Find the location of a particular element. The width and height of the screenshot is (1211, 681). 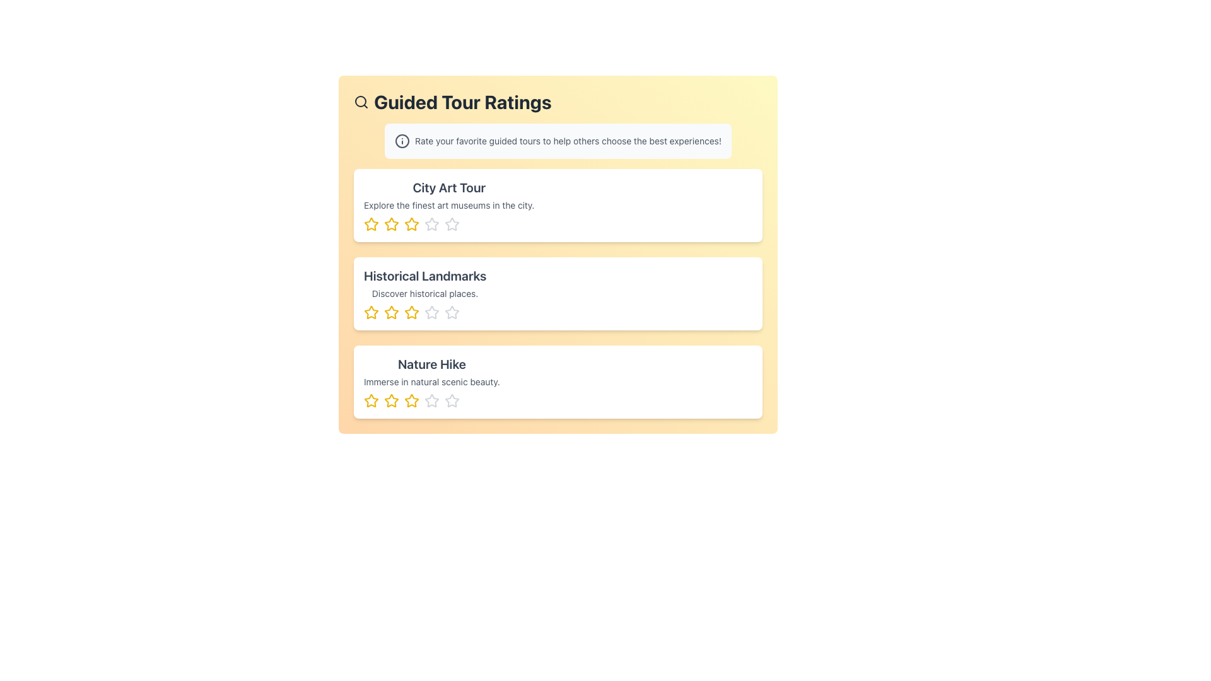

the information icon located in the upper section of the interface, which is positioned to the left of the text 'Rate your favorite guided tours to help others choose the best experiences!' is located at coordinates (402, 141).